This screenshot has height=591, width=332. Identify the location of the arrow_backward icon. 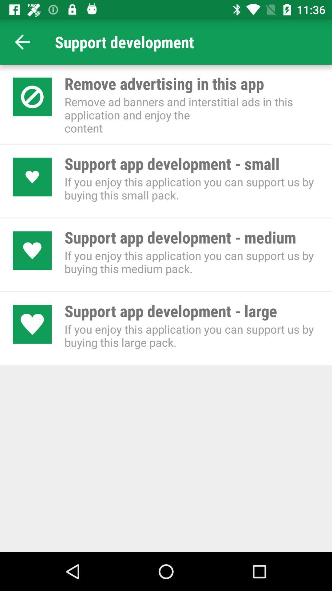
(22, 42).